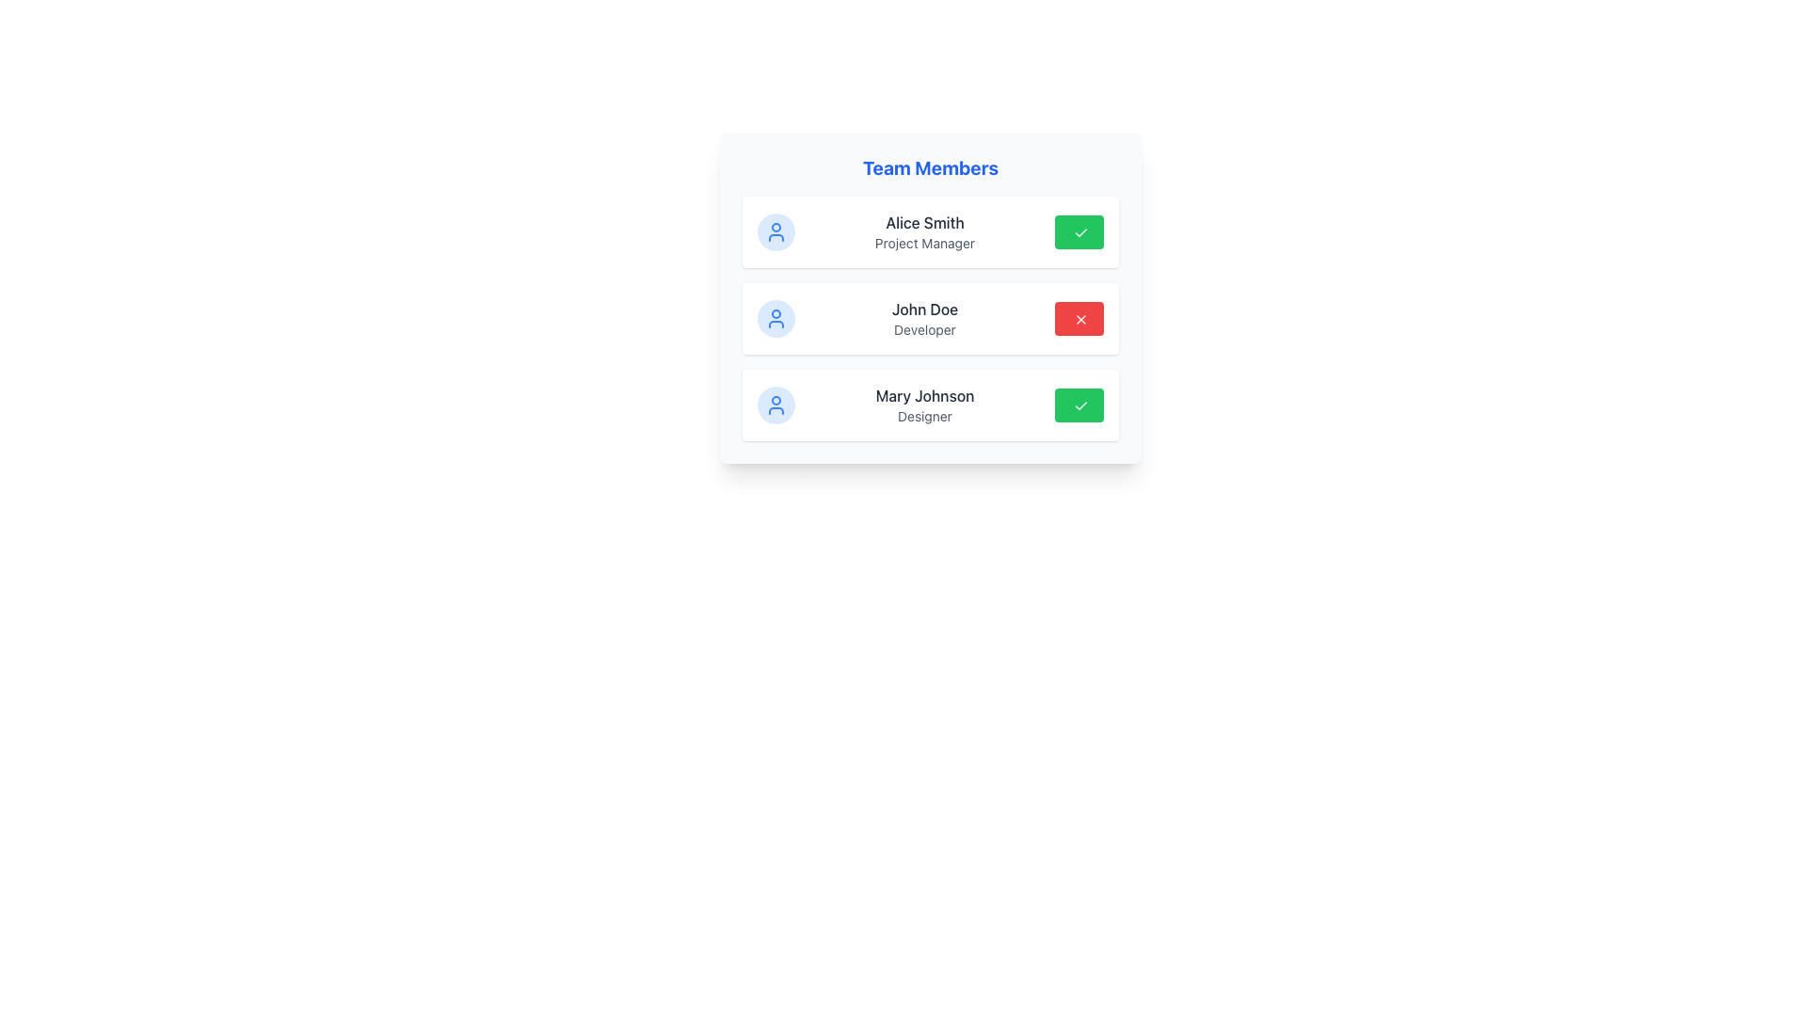 The height and width of the screenshot is (1016, 1807). What do you see at coordinates (925, 405) in the screenshot?
I see `the text display element for the team member's role and name, located below 'John Doe (Developer)'` at bounding box center [925, 405].